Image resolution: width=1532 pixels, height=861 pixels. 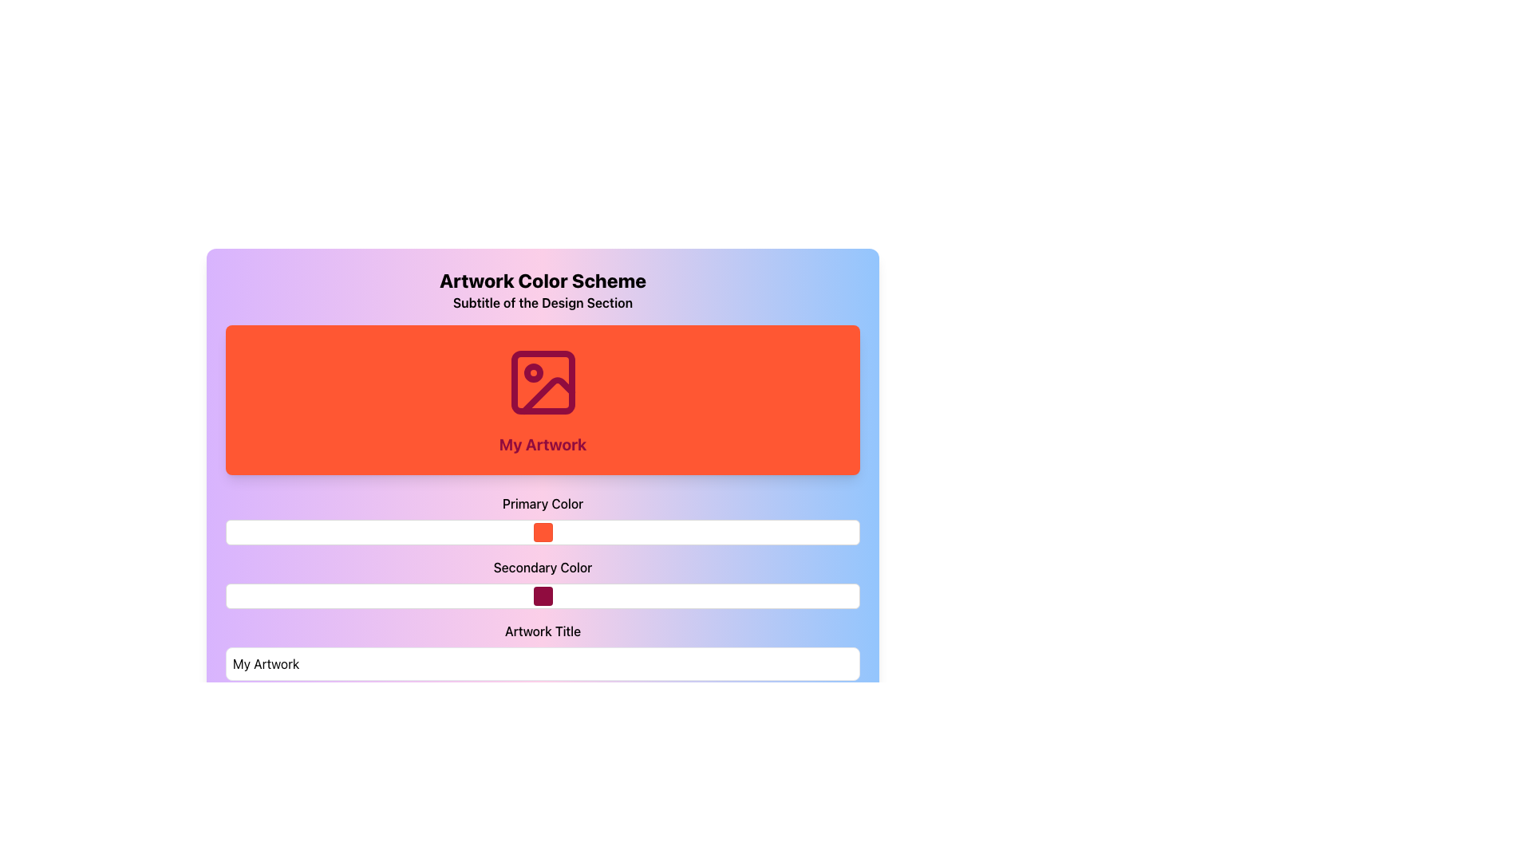 What do you see at coordinates (543, 651) in the screenshot?
I see `the 'Artwork Title' text input field to focus it, which is styled with a bordered, rounded rectangle and positioned below the 'Secondary Color' group` at bounding box center [543, 651].